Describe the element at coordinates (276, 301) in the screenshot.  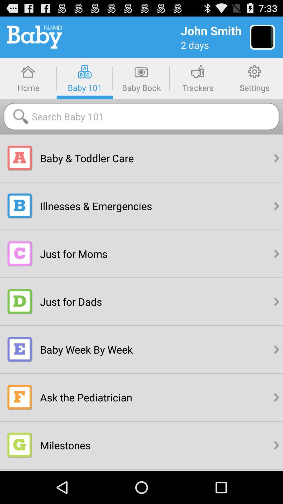
I see `the right arrow present in the forth option` at that location.